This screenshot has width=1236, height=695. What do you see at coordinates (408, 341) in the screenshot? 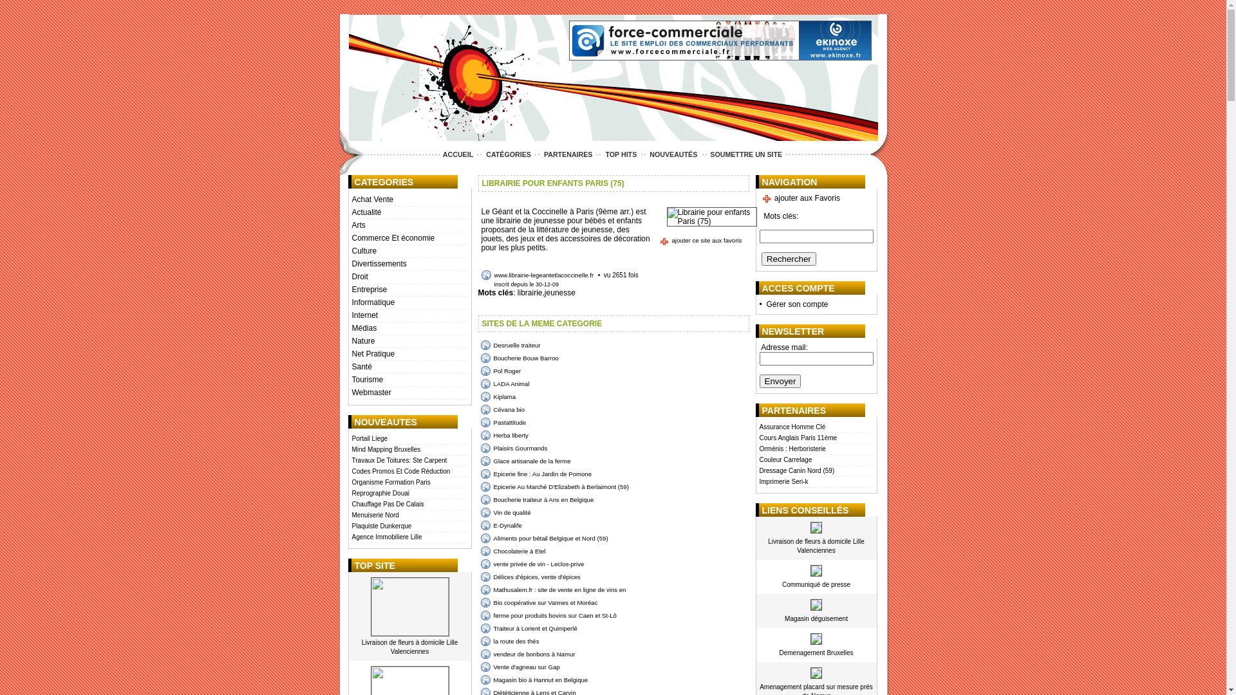
I see `'Nature'` at bounding box center [408, 341].